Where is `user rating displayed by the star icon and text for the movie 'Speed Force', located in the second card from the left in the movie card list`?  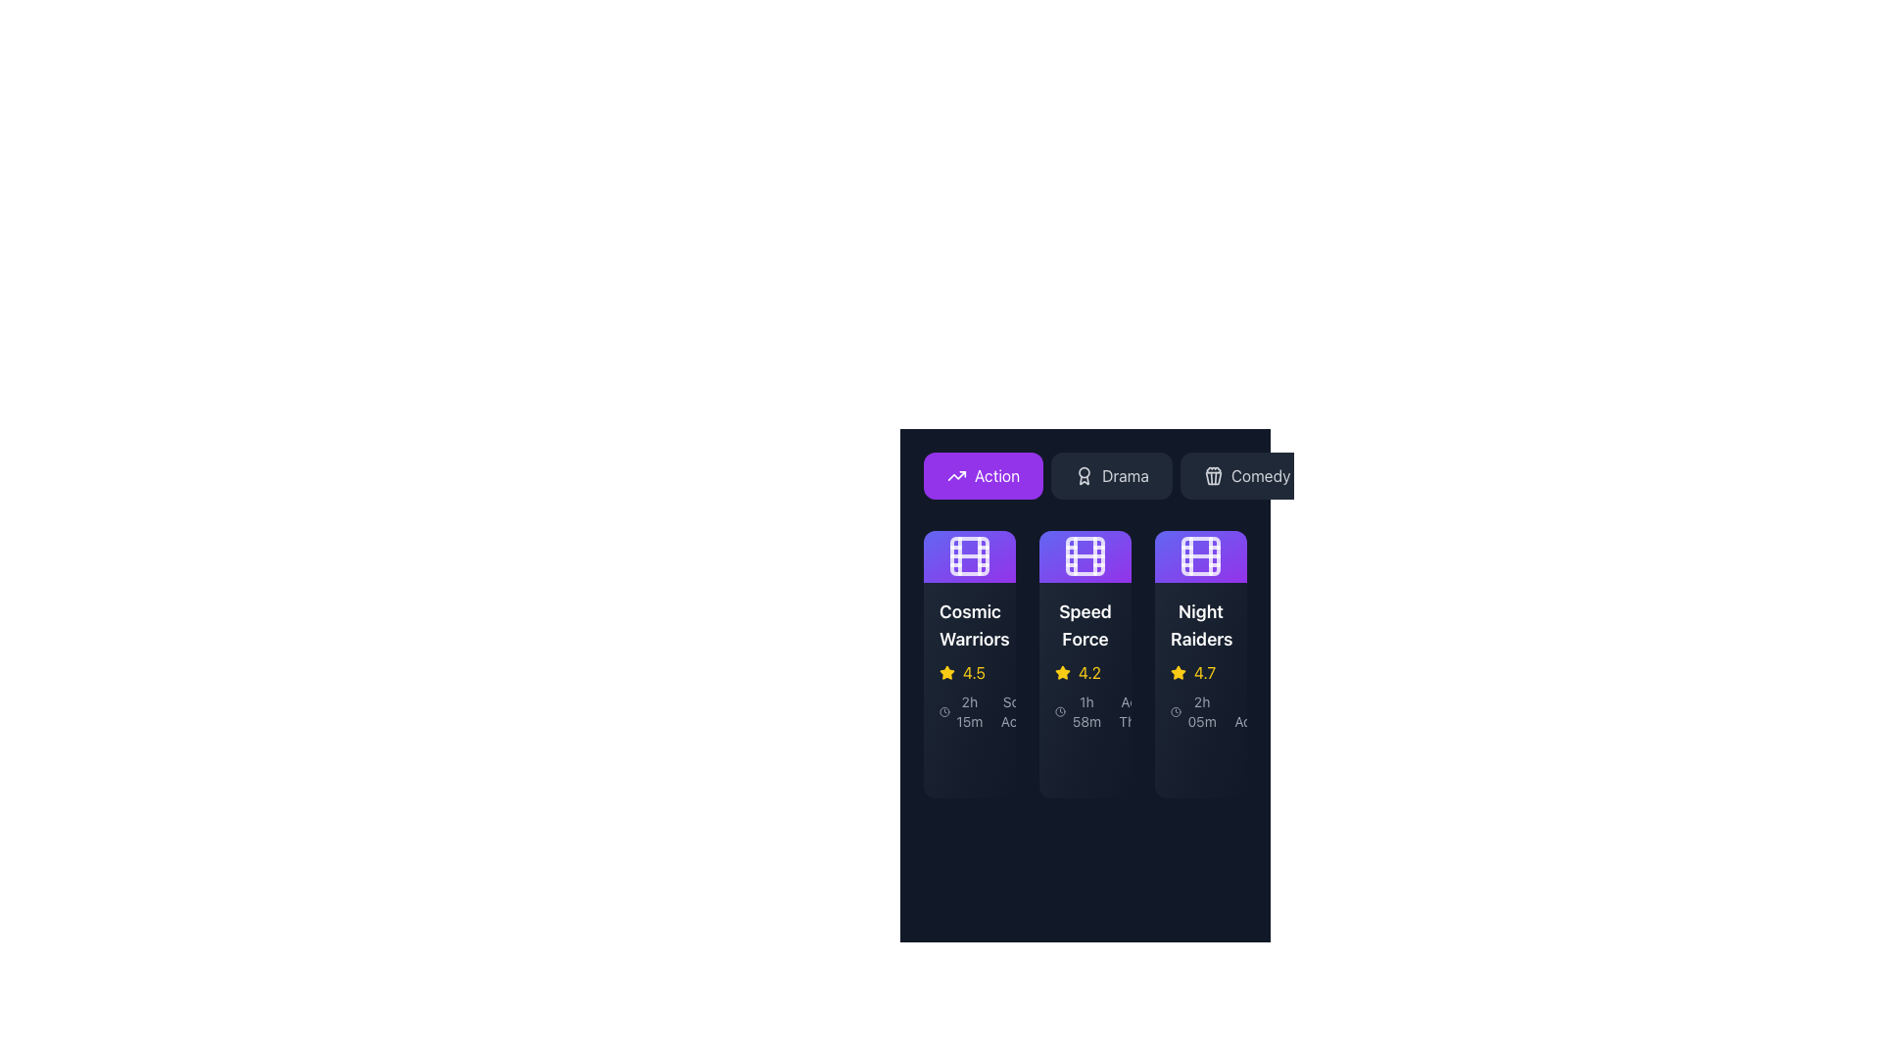 user rating displayed by the star icon and text for the movie 'Speed Force', located in the second card from the left in the movie card list is located at coordinates (1085, 671).